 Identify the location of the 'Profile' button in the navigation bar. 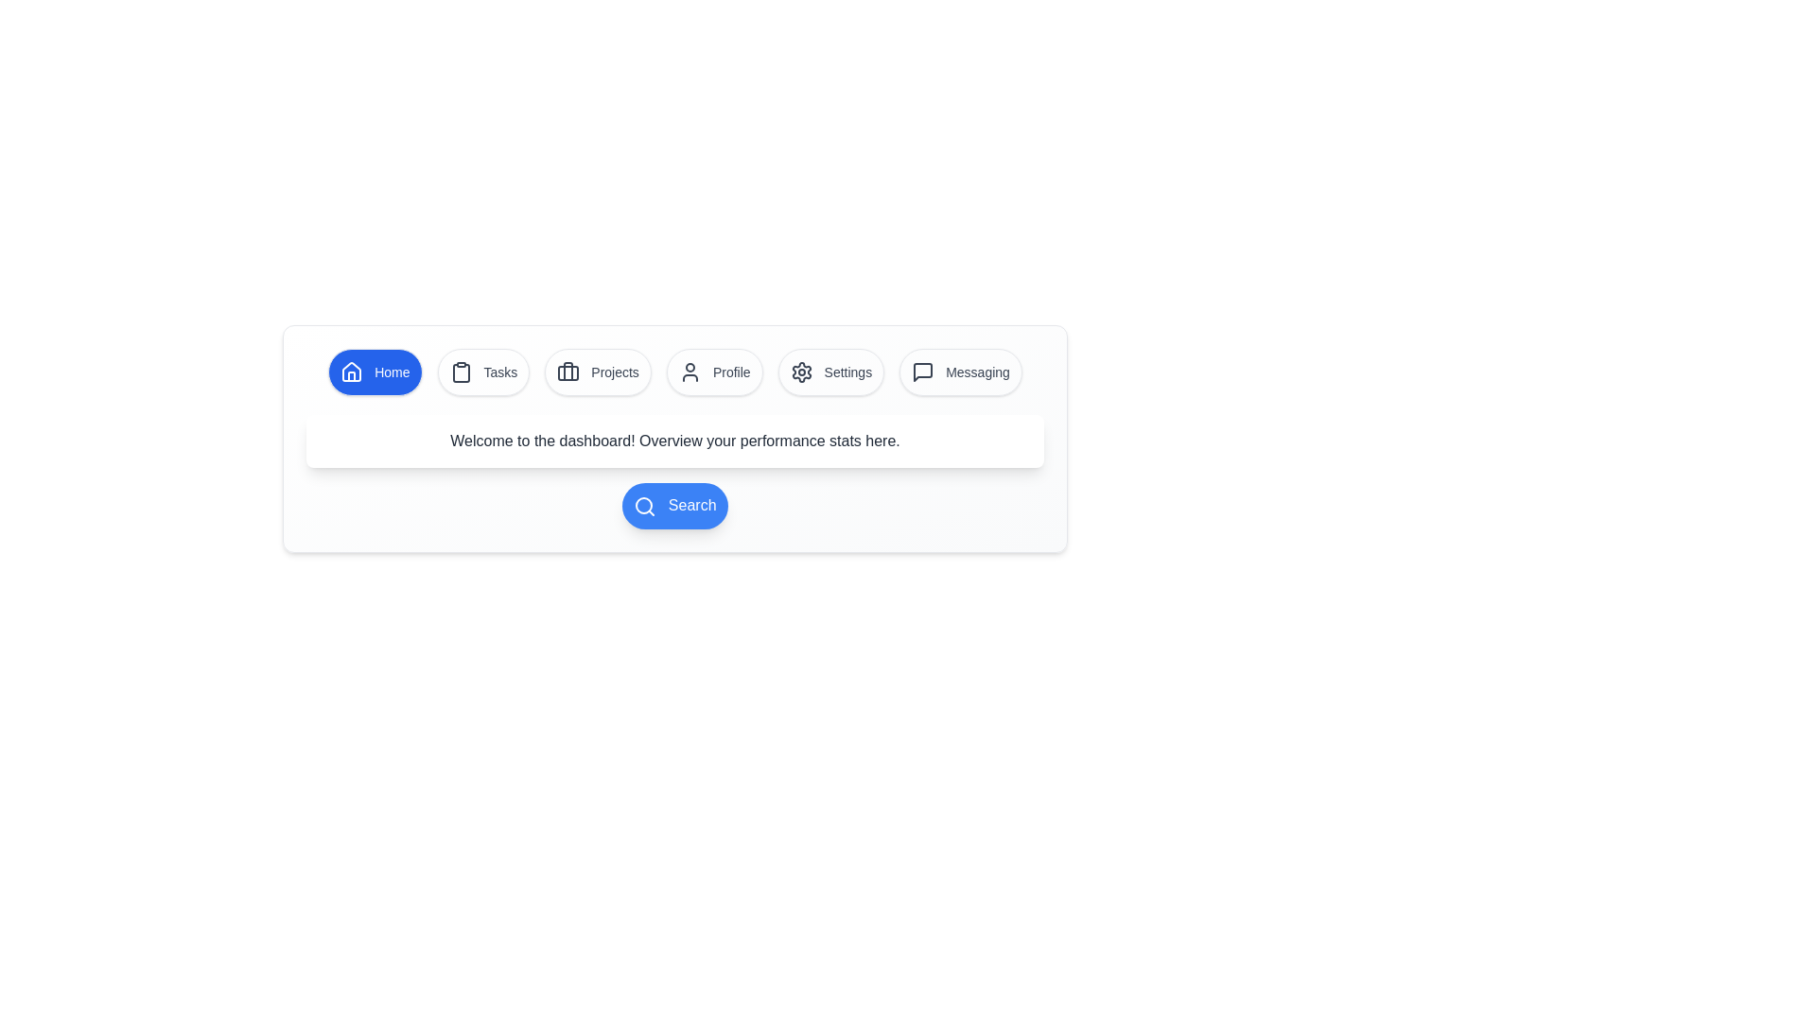
(689, 372).